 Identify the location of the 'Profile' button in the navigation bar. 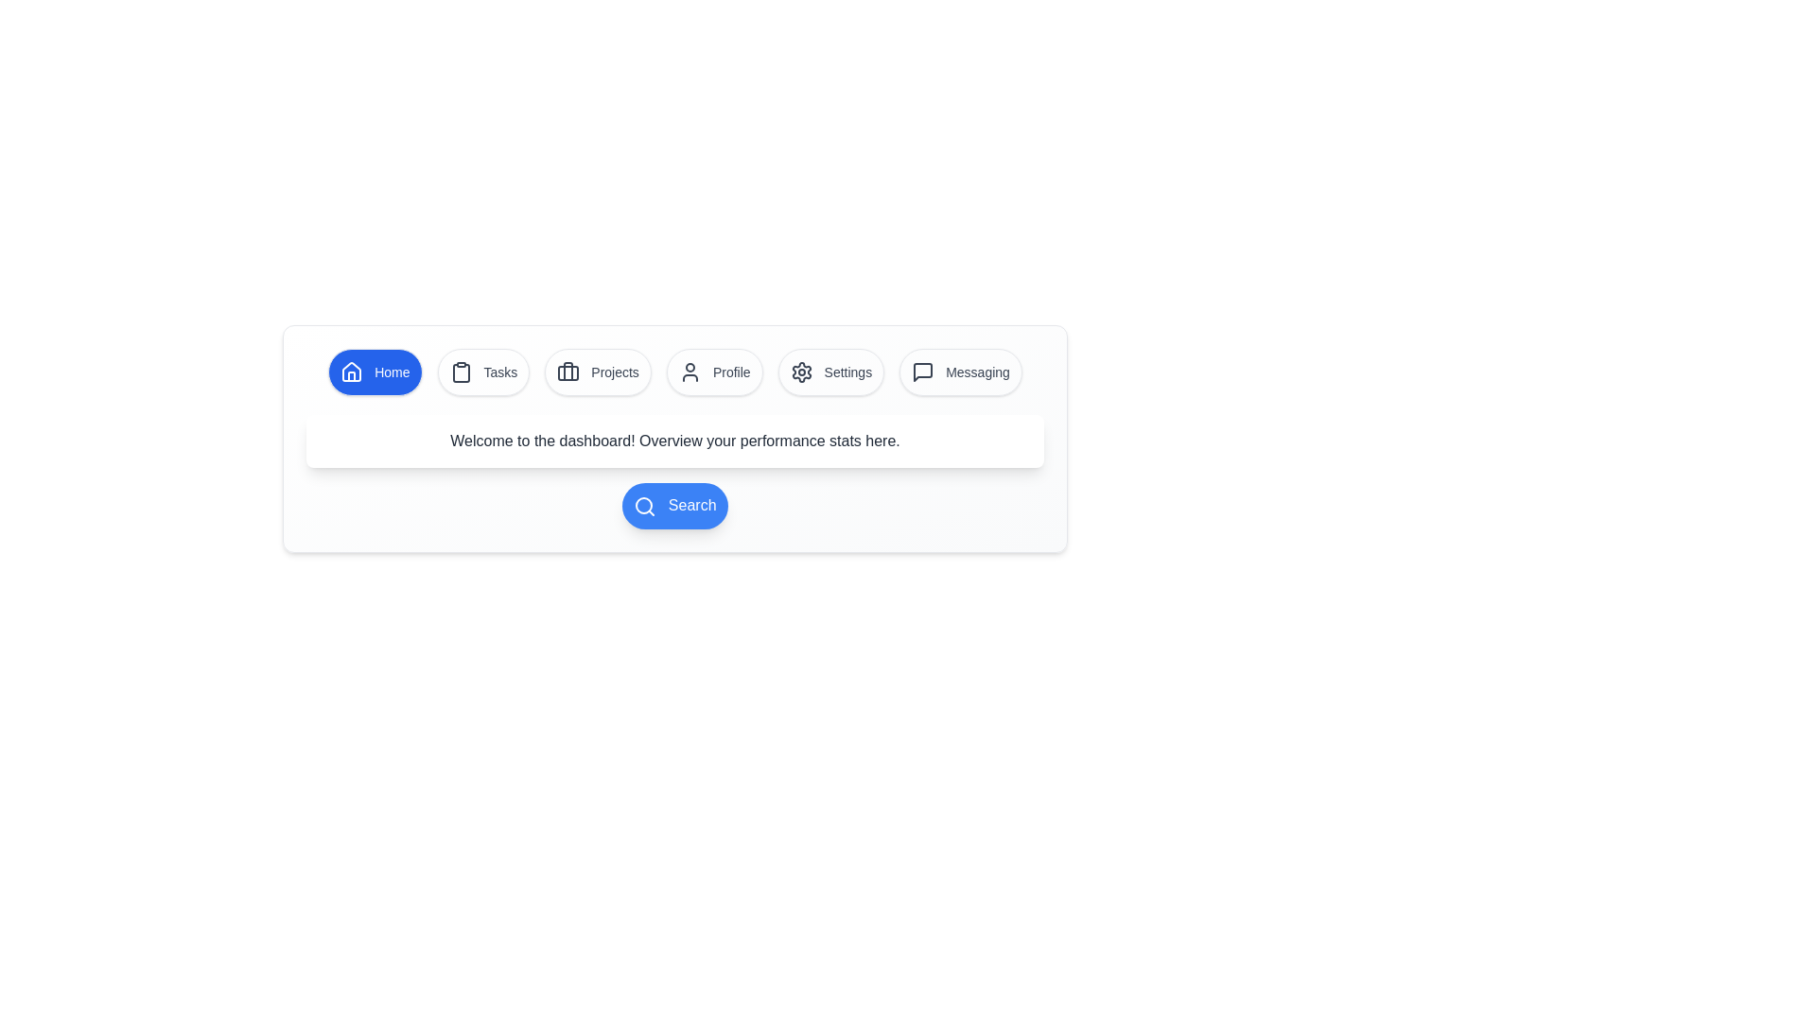
(689, 372).